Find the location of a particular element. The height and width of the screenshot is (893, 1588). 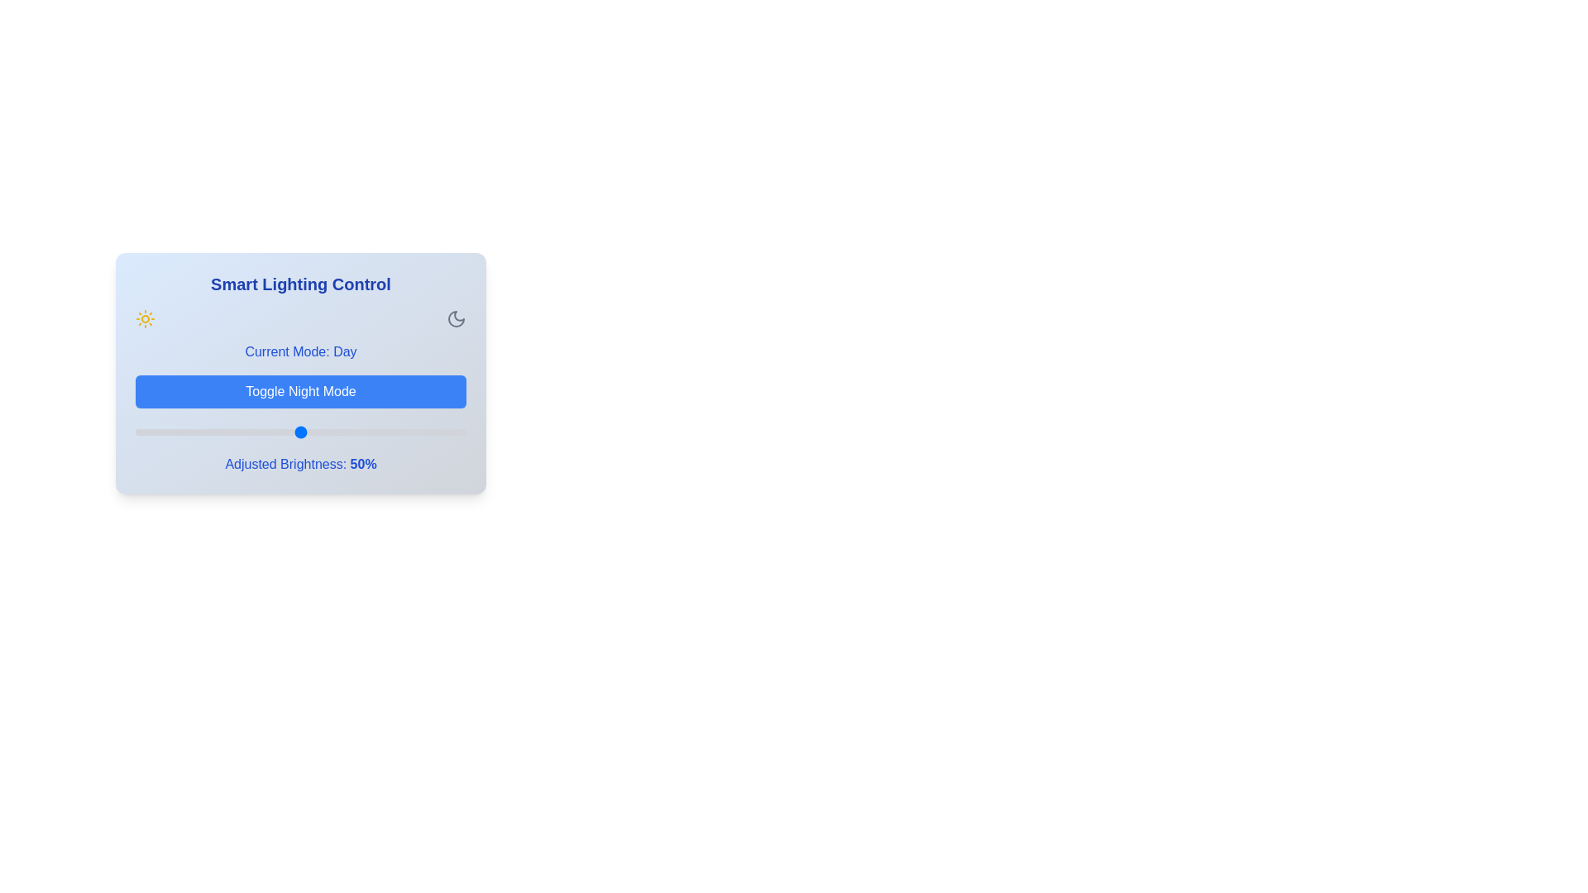

the label that displays the current mode of operation, indicating whether the system is in 'Day' or 'Night' mode, which is positioned below the title 'Smart Lighting Control' and above the button 'Toggle Night Mode' is located at coordinates (301, 351).